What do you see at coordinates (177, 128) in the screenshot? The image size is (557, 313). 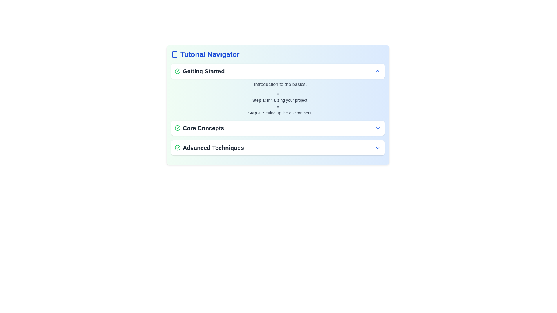 I see `the completion icon located to the left of the 'Core Concepts' text in the tutorial navigator interface, which indicates the section's status` at bounding box center [177, 128].